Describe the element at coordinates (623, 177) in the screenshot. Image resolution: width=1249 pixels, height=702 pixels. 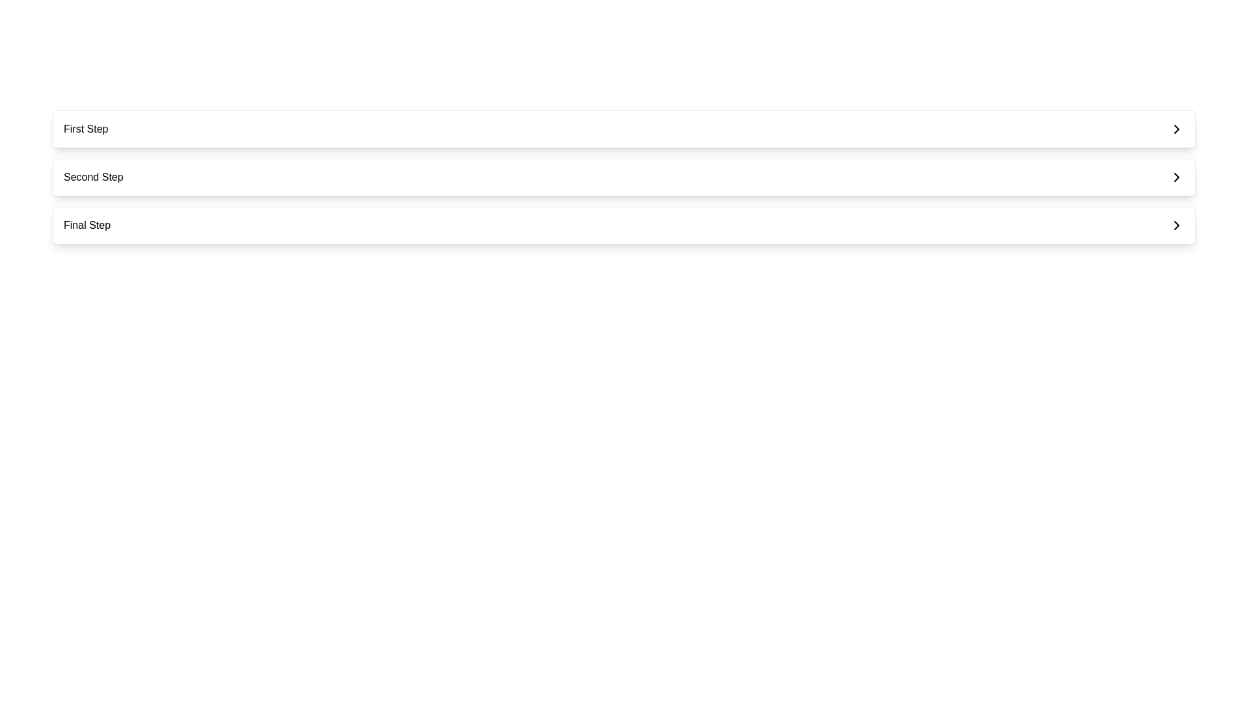
I see `the second navigation row labeled 'Second Step'` at that location.